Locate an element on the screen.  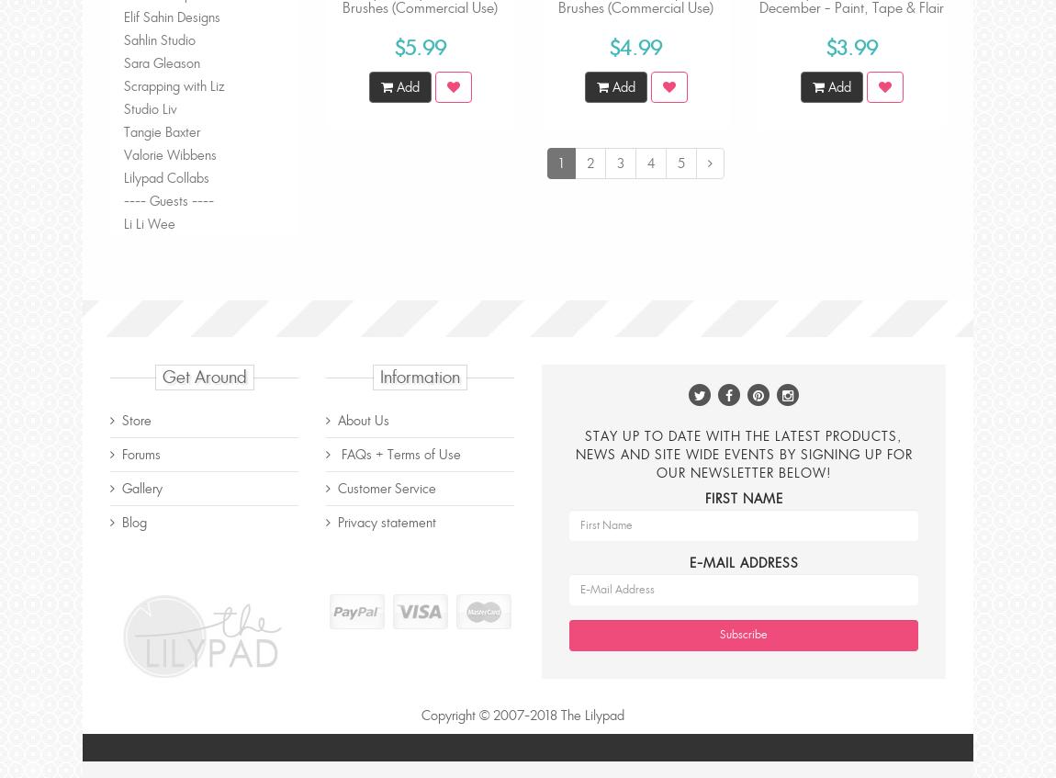
'Store' is located at coordinates (136, 419).